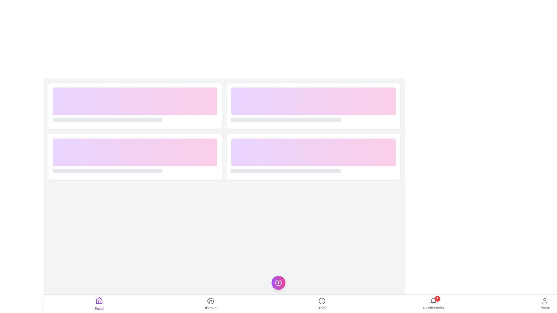  I want to click on the decorative or interactive visual component located in the lower row of the two-row grid structure, positioned as the right item of its row, so click(313, 152).